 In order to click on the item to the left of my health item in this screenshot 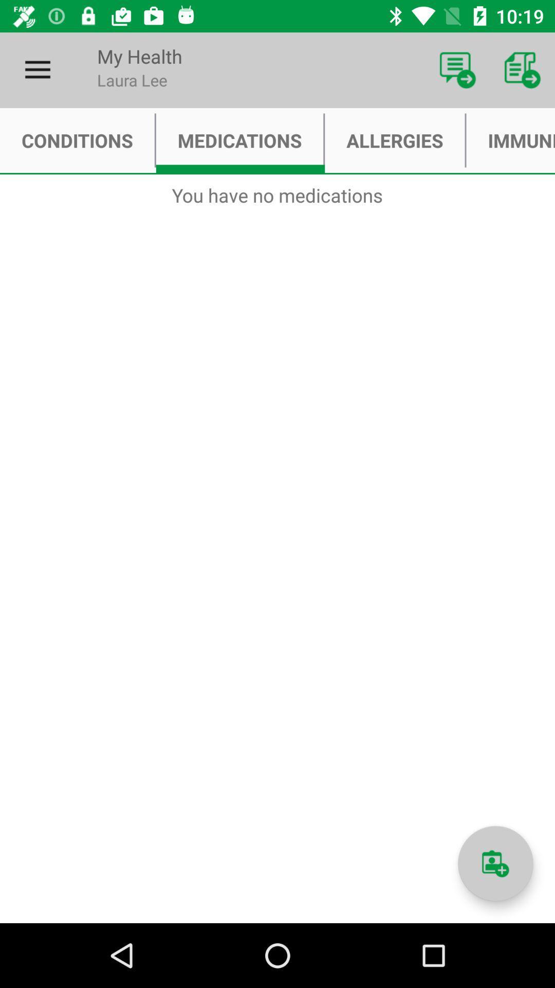, I will do `click(37, 69)`.